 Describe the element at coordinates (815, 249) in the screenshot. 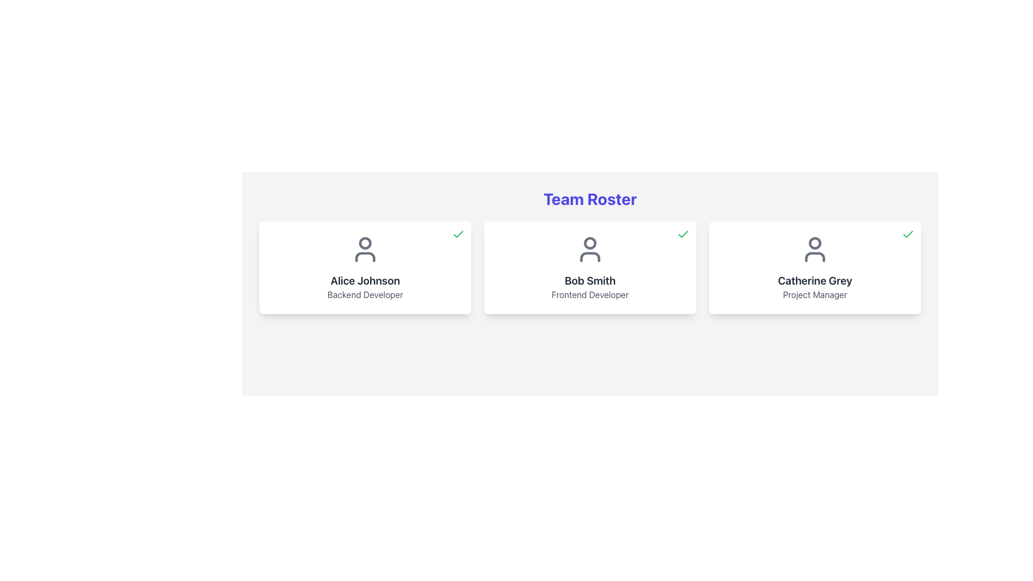

I see `the user avatar icon, which is a gray circle with a semicircular body, located at the top center of the card titled 'Catherine Grey'` at that location.